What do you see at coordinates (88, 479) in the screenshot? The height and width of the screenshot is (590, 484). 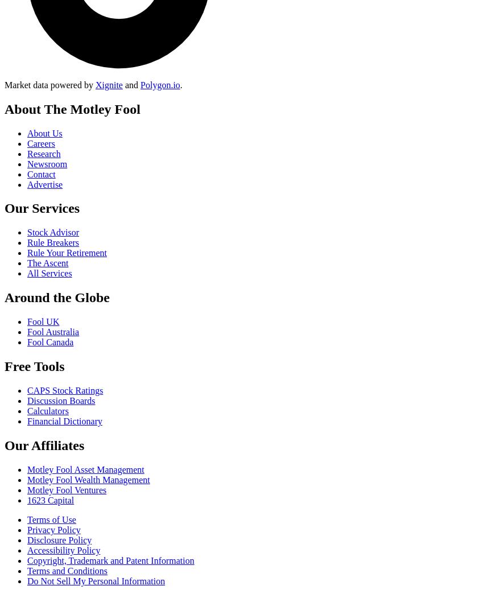 I see `'Motley Fool Wealth Management'` at bounding box center [88, 479].